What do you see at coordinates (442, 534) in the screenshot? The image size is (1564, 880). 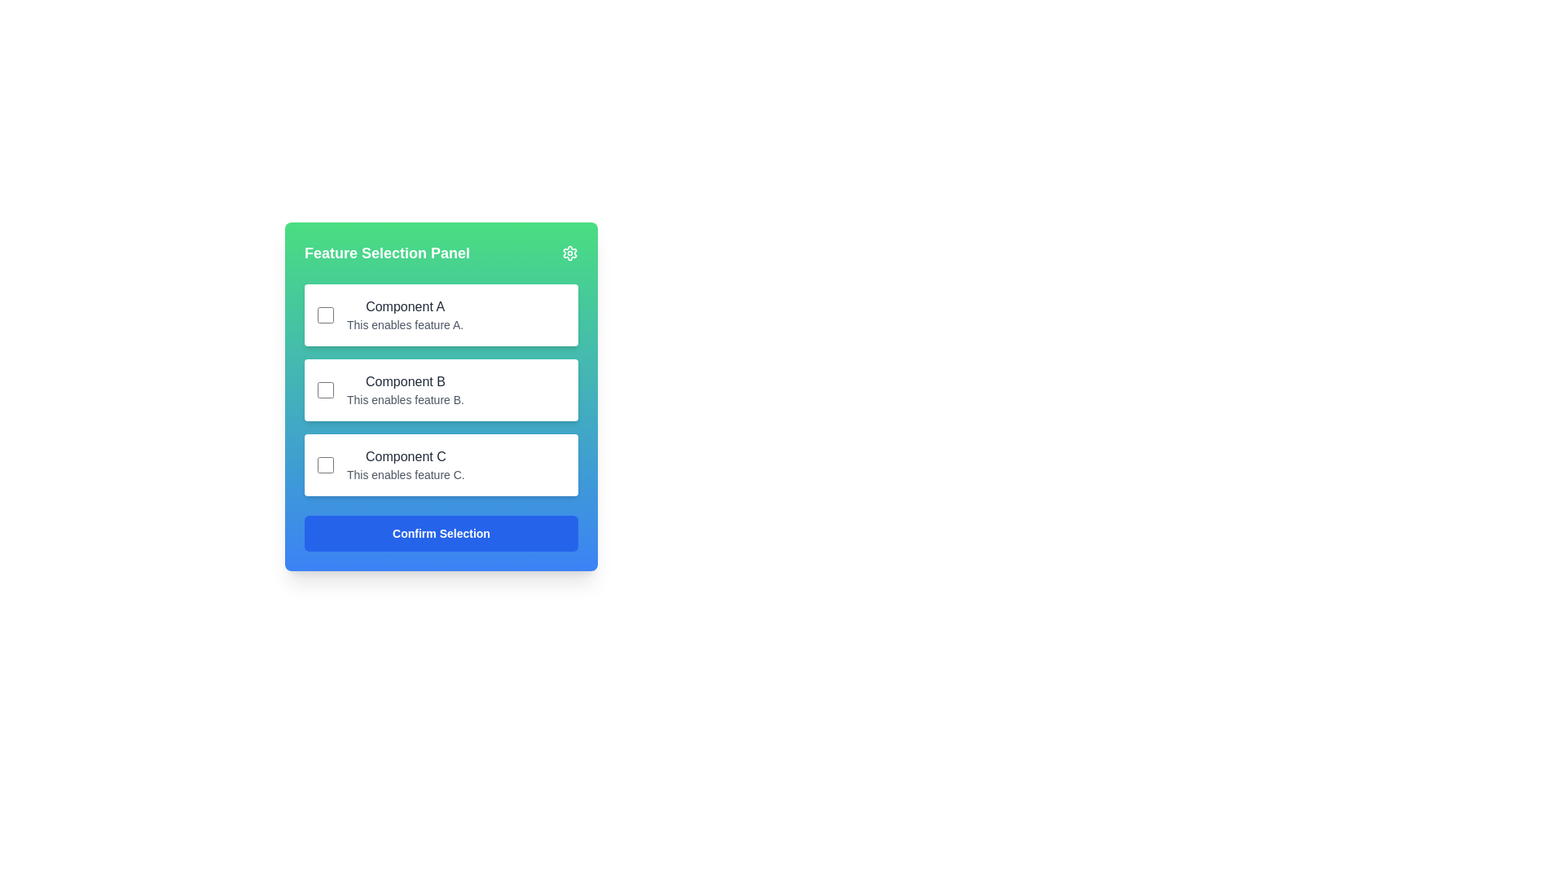 I see `the confirmation button located at the bottom of the 'Feature Selection Panel' to enable keyboard interaction` at bounding box center [442, 534].